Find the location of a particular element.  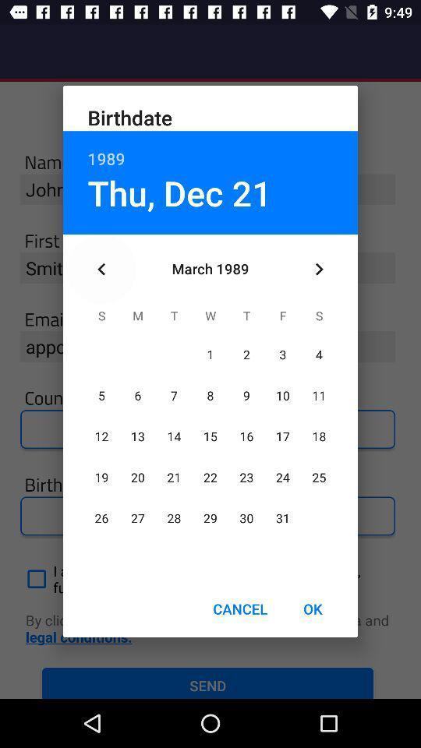

icon below the thu, dec 21 item is located at coordinates (101, 269).